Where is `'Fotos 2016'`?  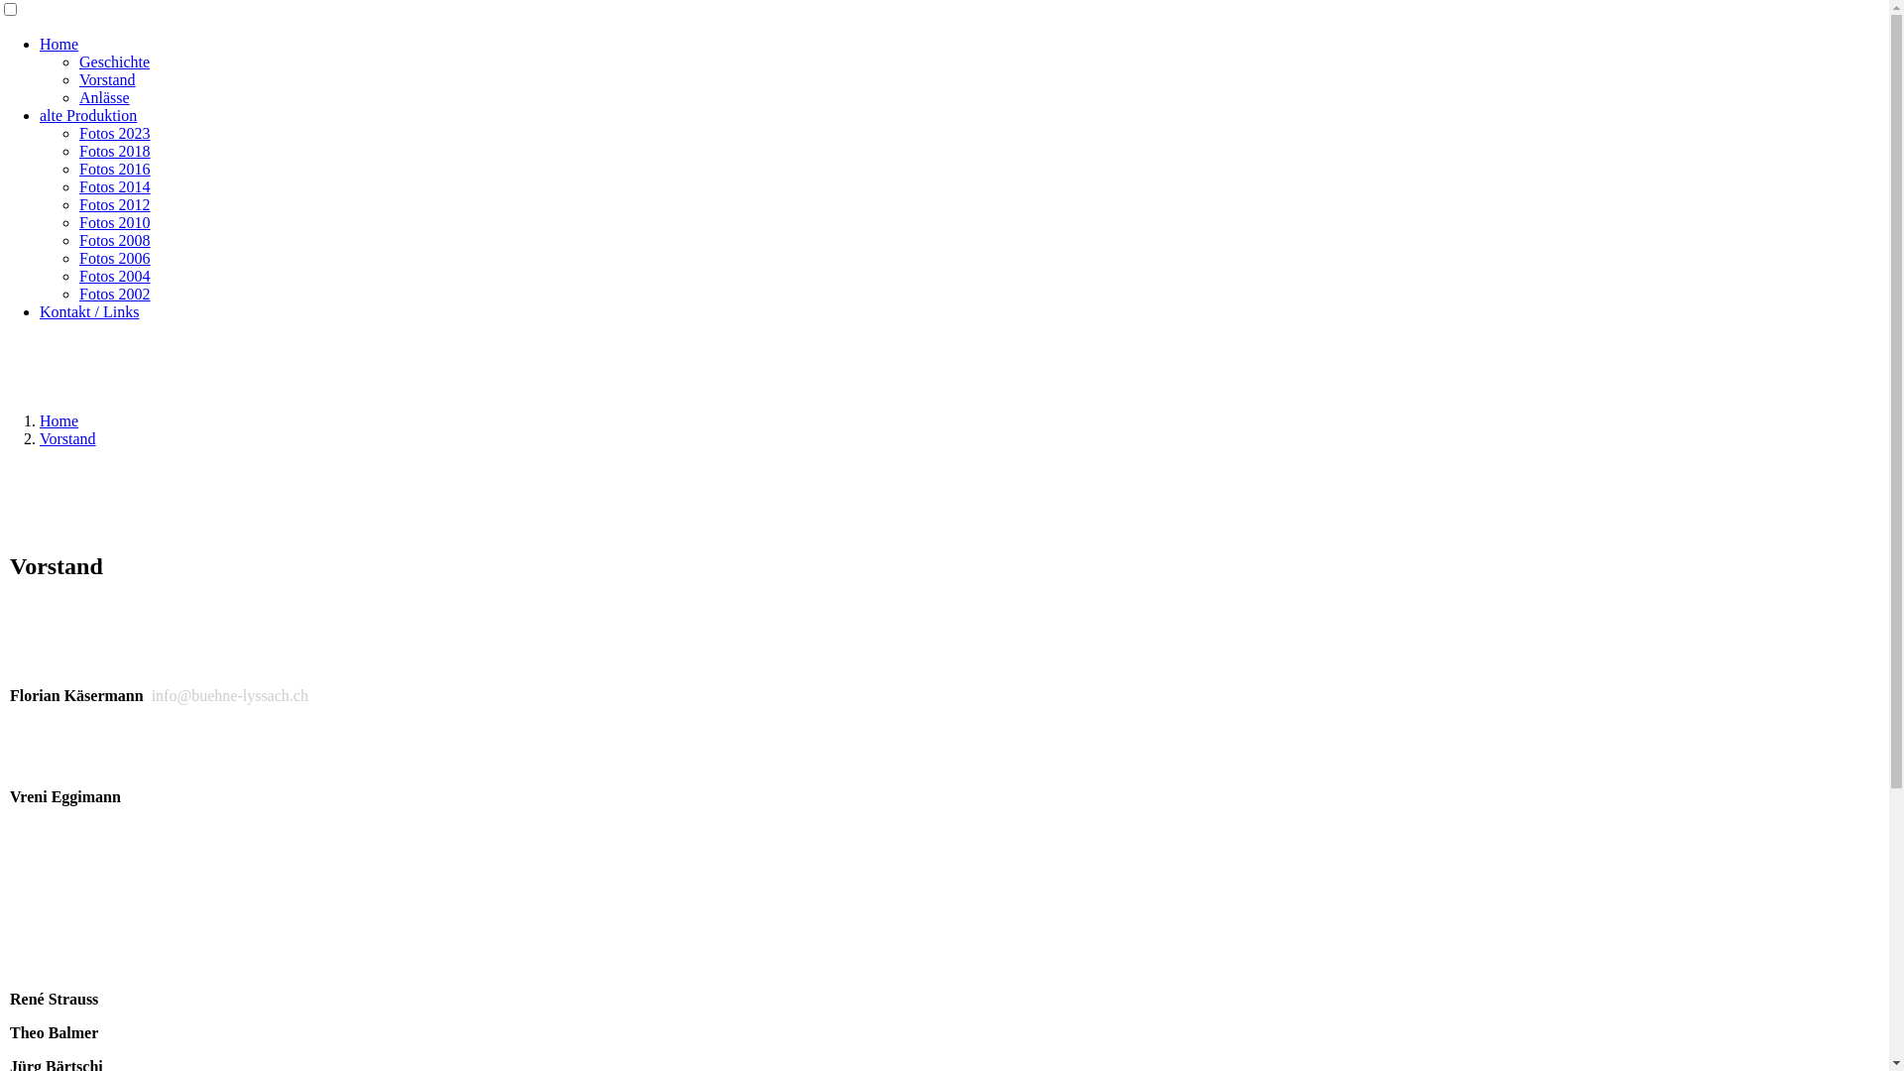 'Fotos 2016' is located at coordinates (113, 168).